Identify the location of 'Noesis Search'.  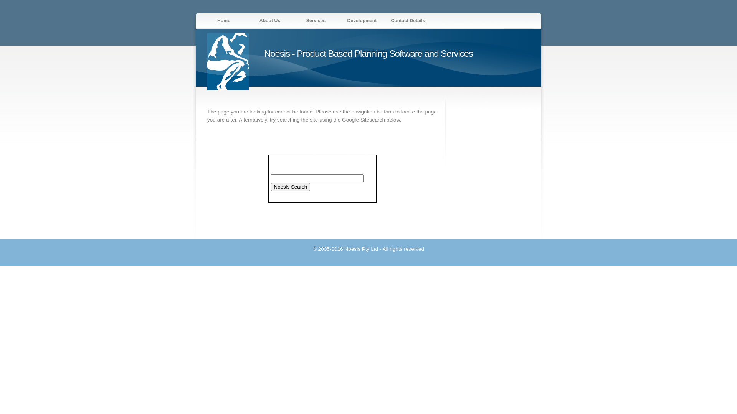
(271, 186).